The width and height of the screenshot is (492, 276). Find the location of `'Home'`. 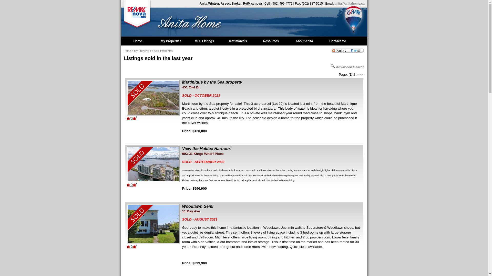

'Home' is located at coordinates (127, 51).